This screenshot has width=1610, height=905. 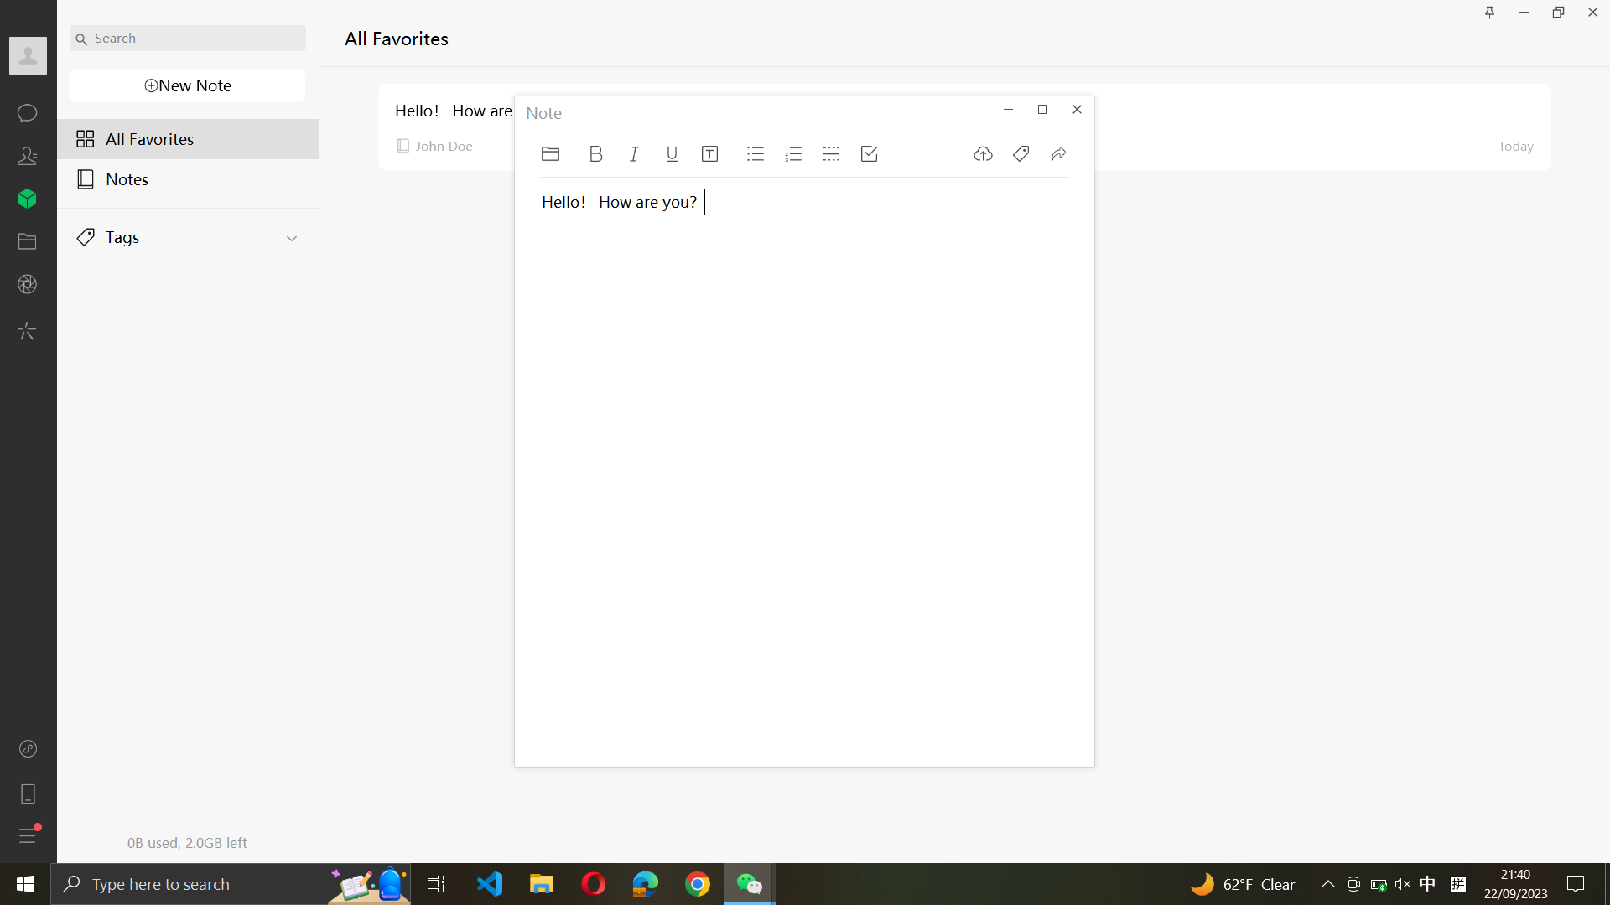 What do you see at coordinates (1078, 110) in the screenshot?
I see `Close the Note window` at bounding box center [1078, 110].